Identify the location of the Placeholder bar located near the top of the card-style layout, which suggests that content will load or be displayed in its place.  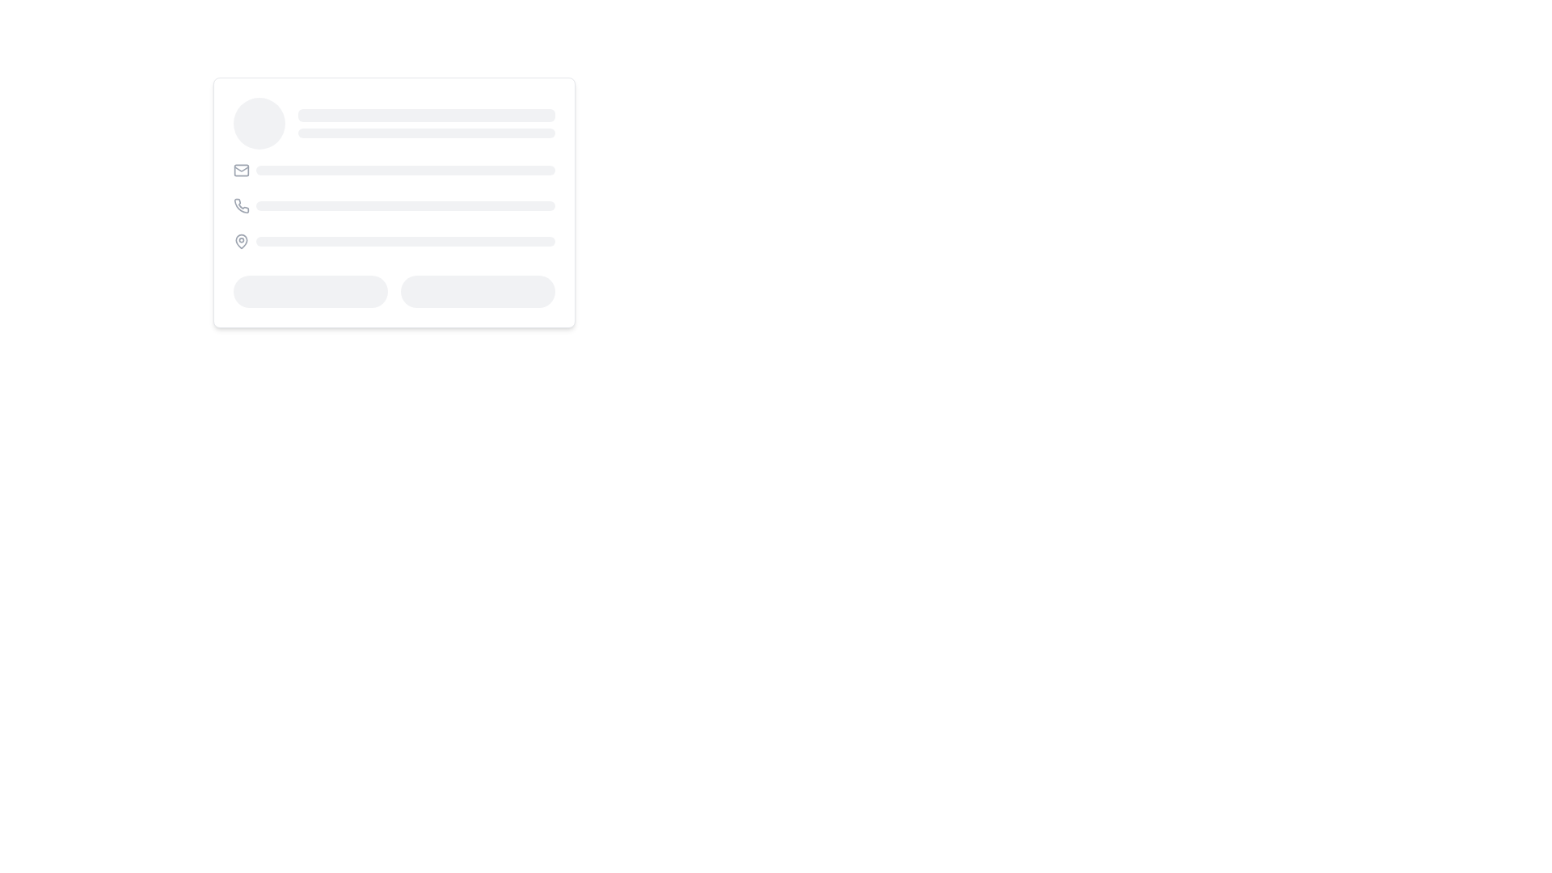
(427, 133).